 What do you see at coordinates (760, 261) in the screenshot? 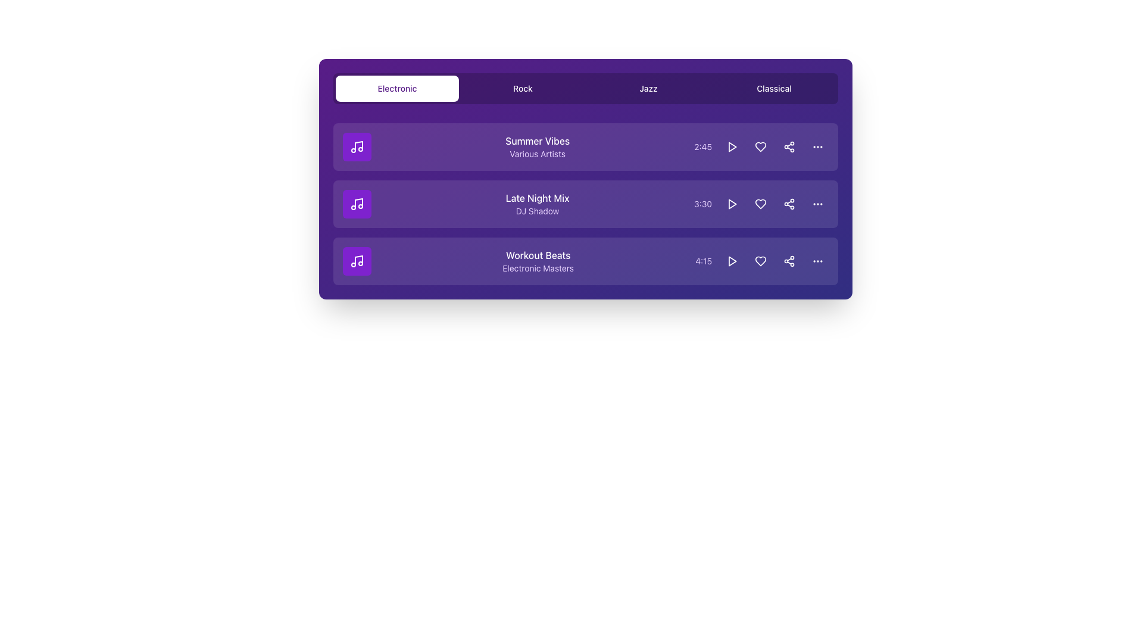
I see `the icon button to mark or unmark 'Workout Beats' as a favorite, located` at bounding box center [760, 261].